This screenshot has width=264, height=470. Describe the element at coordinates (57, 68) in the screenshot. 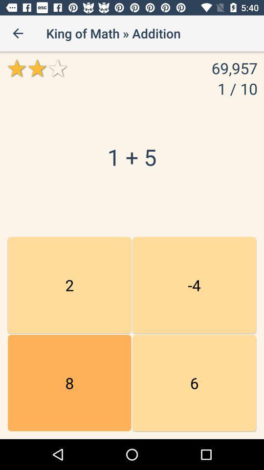

I see `the unmarked star on the page` at that location.